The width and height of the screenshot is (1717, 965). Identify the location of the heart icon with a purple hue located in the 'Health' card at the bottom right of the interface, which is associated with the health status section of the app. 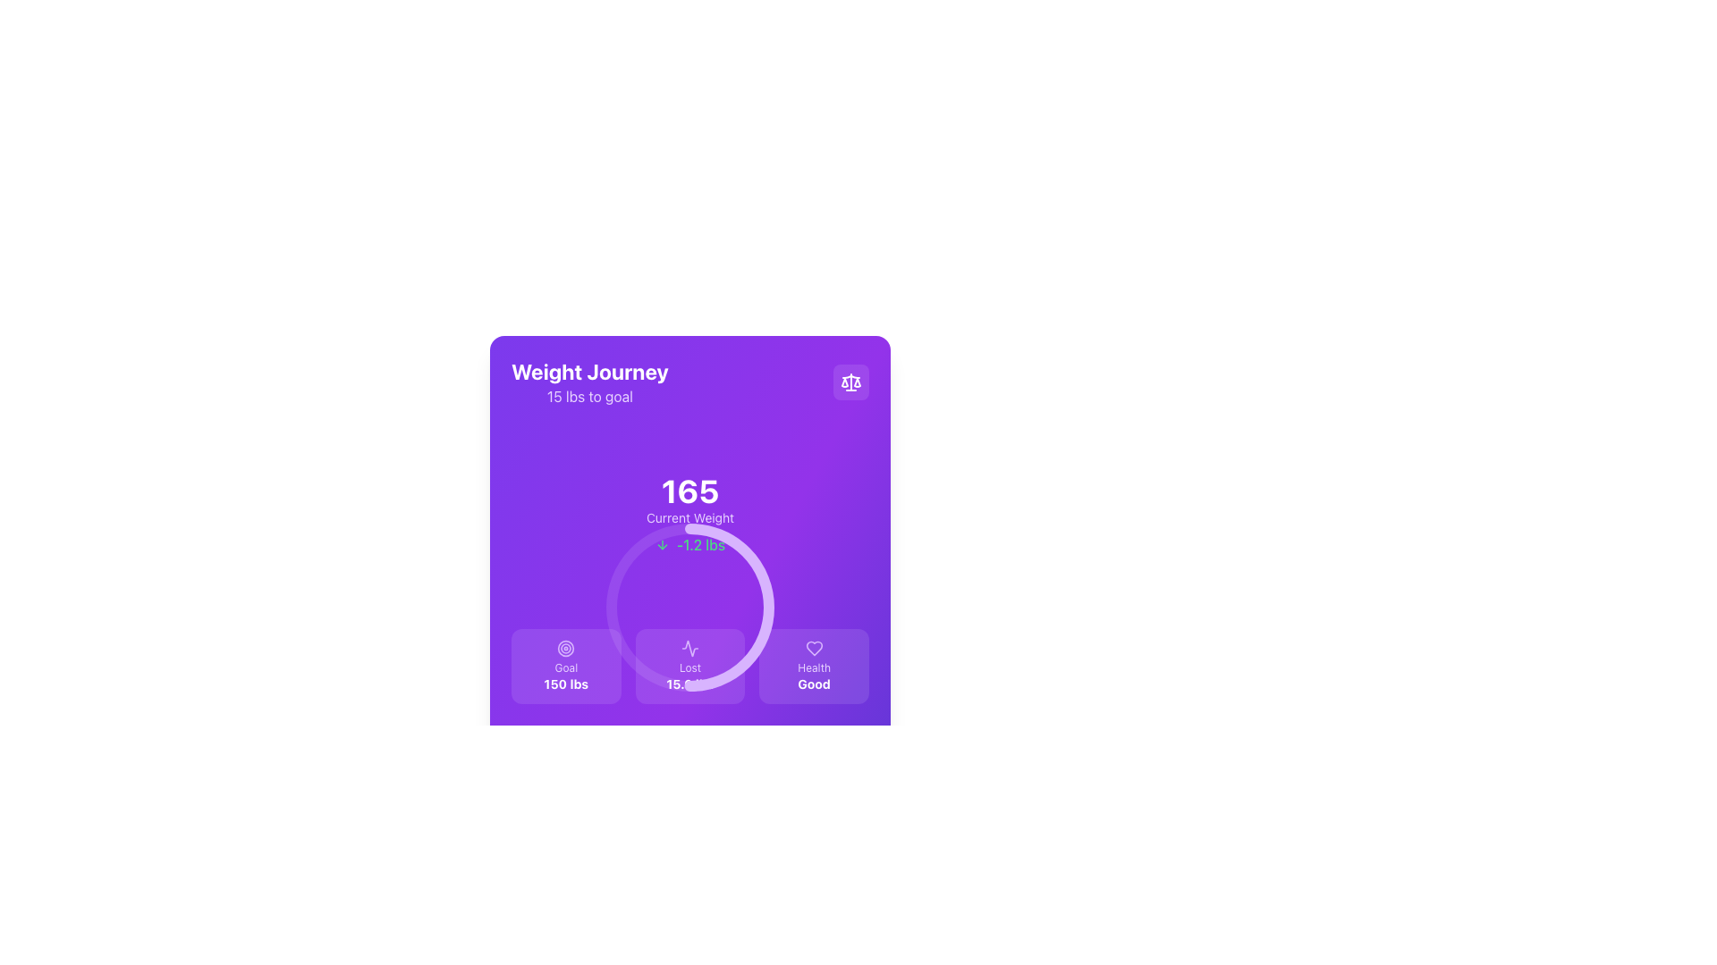
(813, 648).